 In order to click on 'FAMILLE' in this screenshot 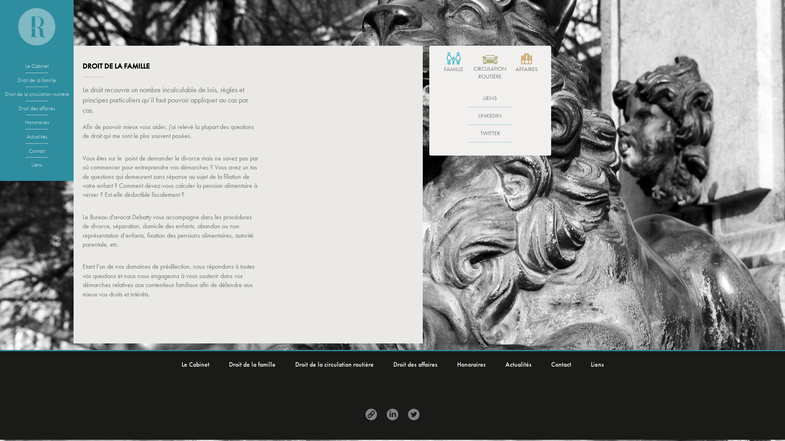, I will do `click(453, 62)`.